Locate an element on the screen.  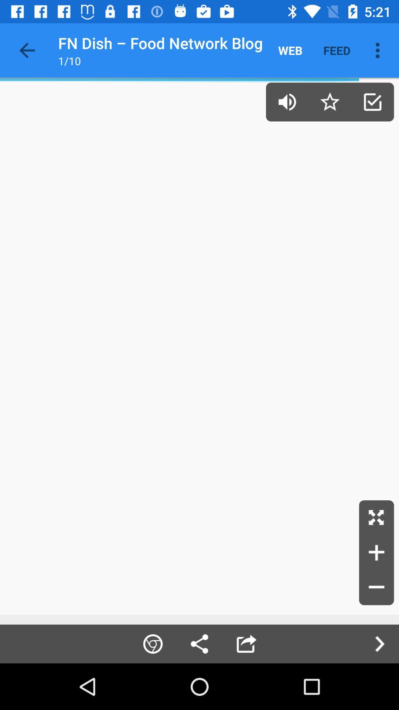
the feed is located at coordinates (337, 50).